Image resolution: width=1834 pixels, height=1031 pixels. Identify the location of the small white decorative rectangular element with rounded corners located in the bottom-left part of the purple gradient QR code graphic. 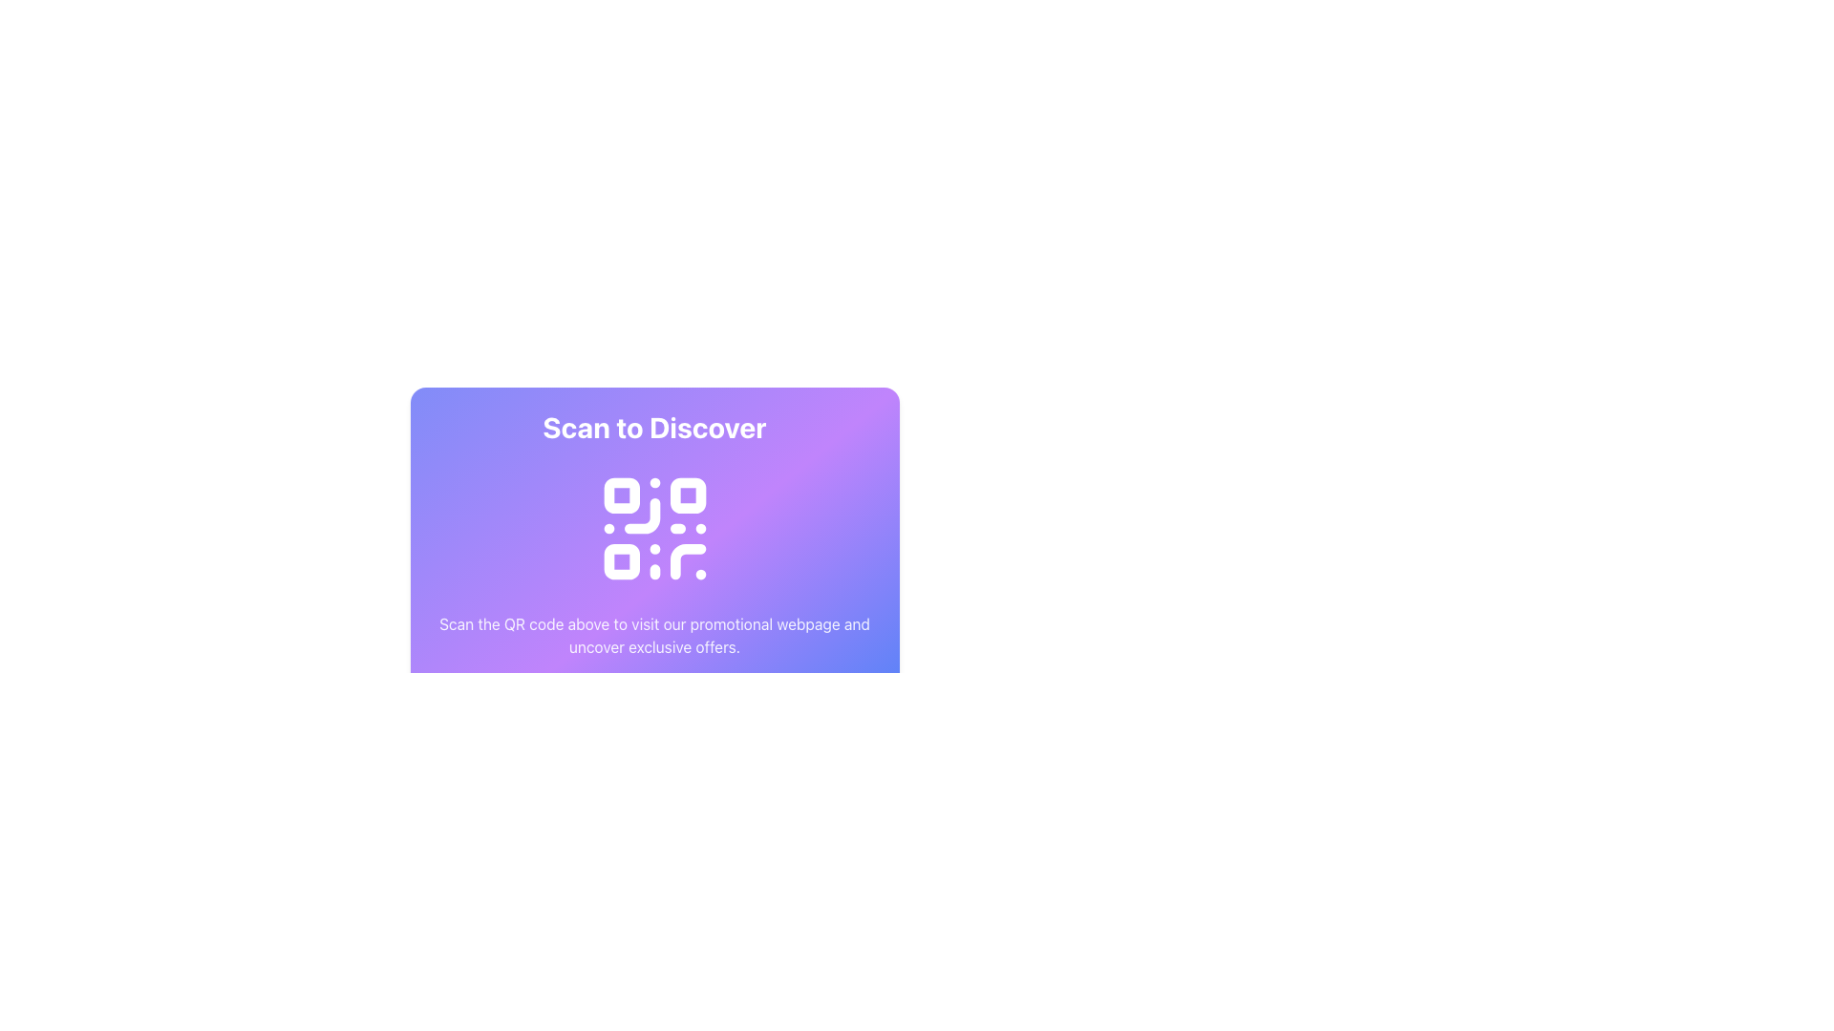
(621, 560).